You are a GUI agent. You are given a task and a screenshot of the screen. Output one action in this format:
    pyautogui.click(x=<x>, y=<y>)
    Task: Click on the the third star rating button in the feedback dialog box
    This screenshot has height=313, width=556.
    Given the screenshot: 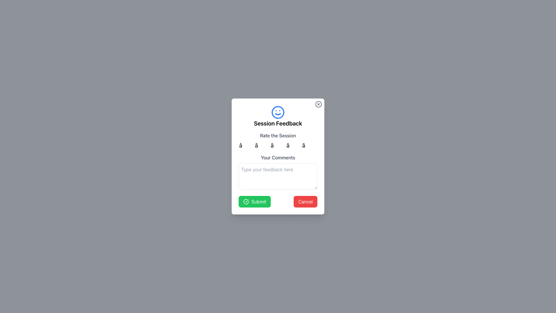 What is the action you would take?
    pyautogui.click(x=278, y=145)
    